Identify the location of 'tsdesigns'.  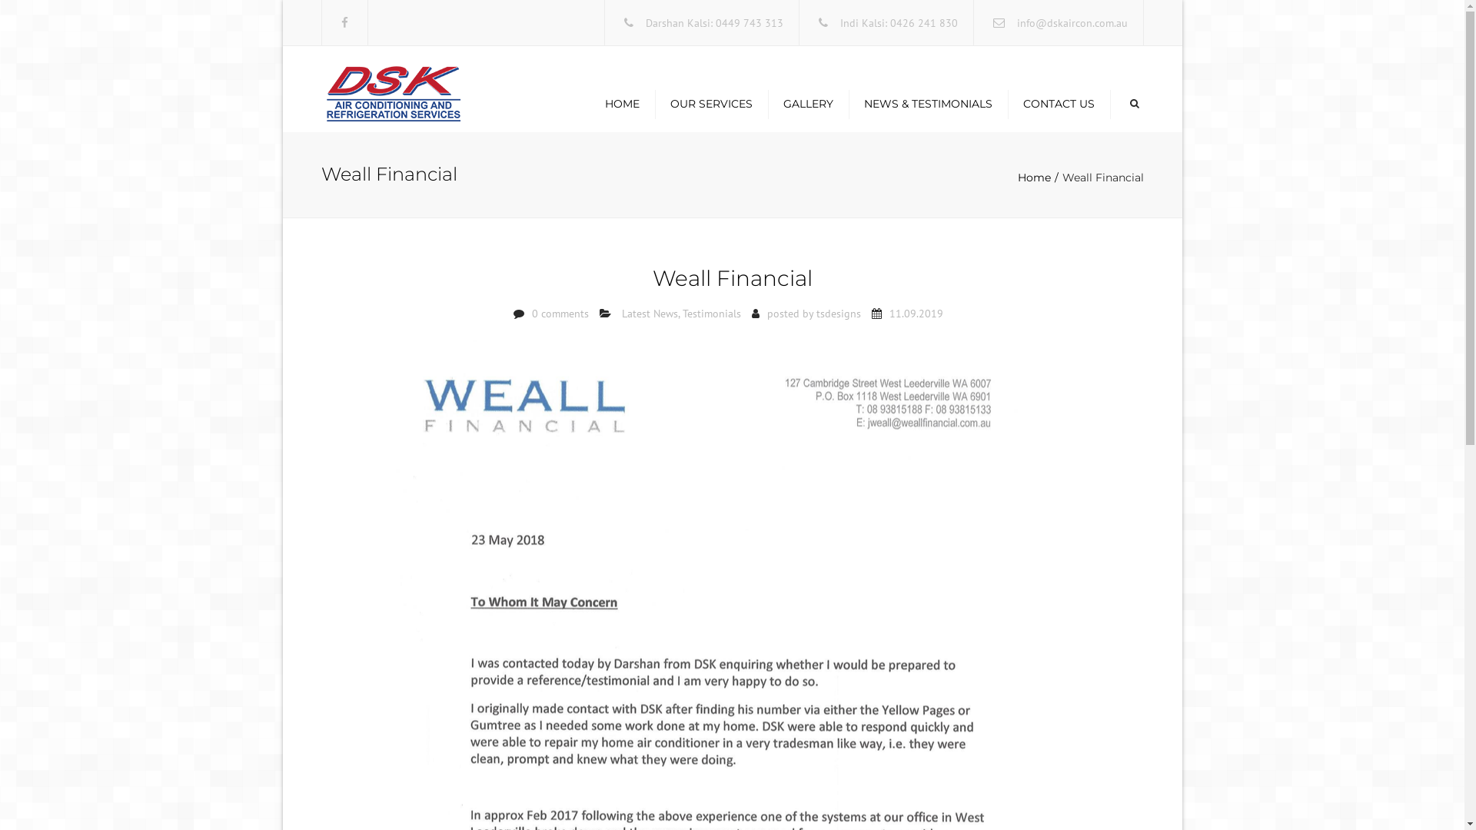
(815, 313).